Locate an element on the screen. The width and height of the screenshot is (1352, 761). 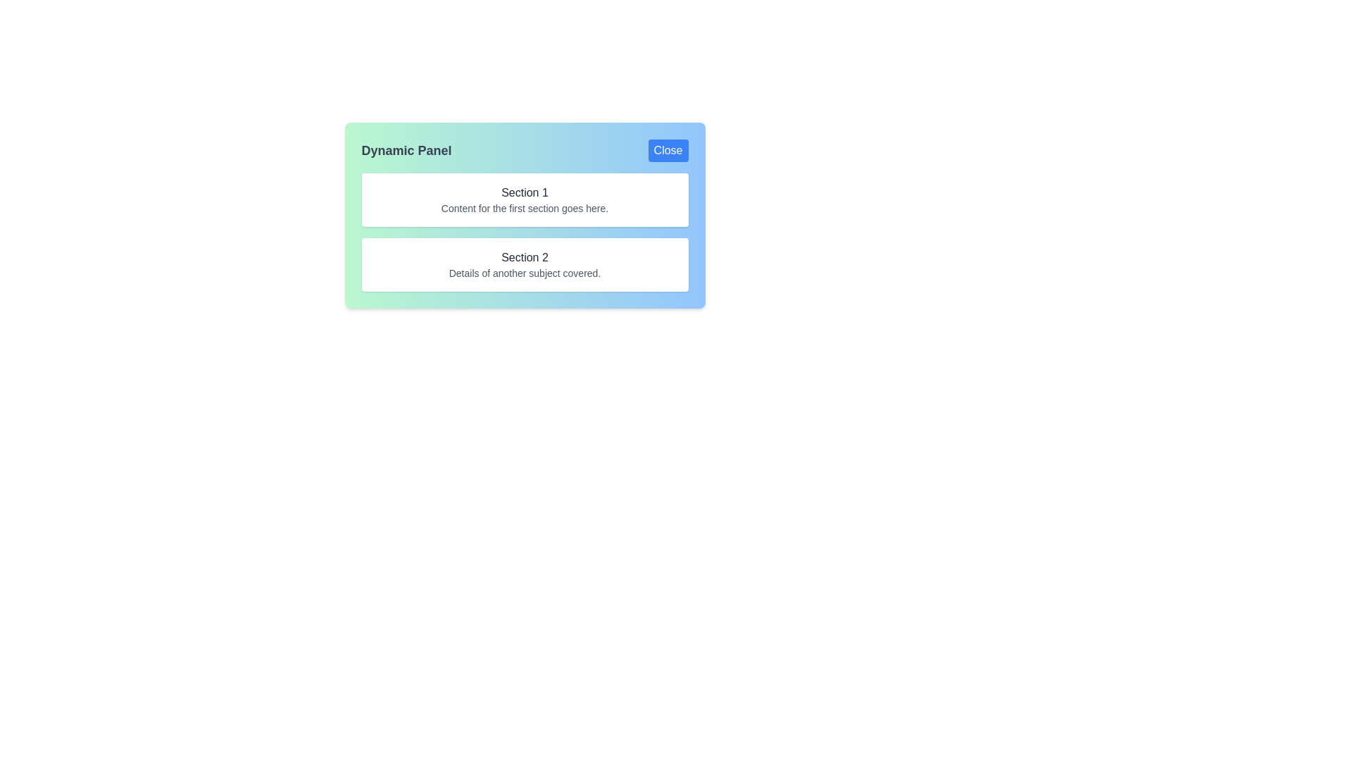
the text label displaying 'Section 2' which is styled in dark gray and is located in the middle-top part of the dynamic panel is located at coordinates (524, 258).